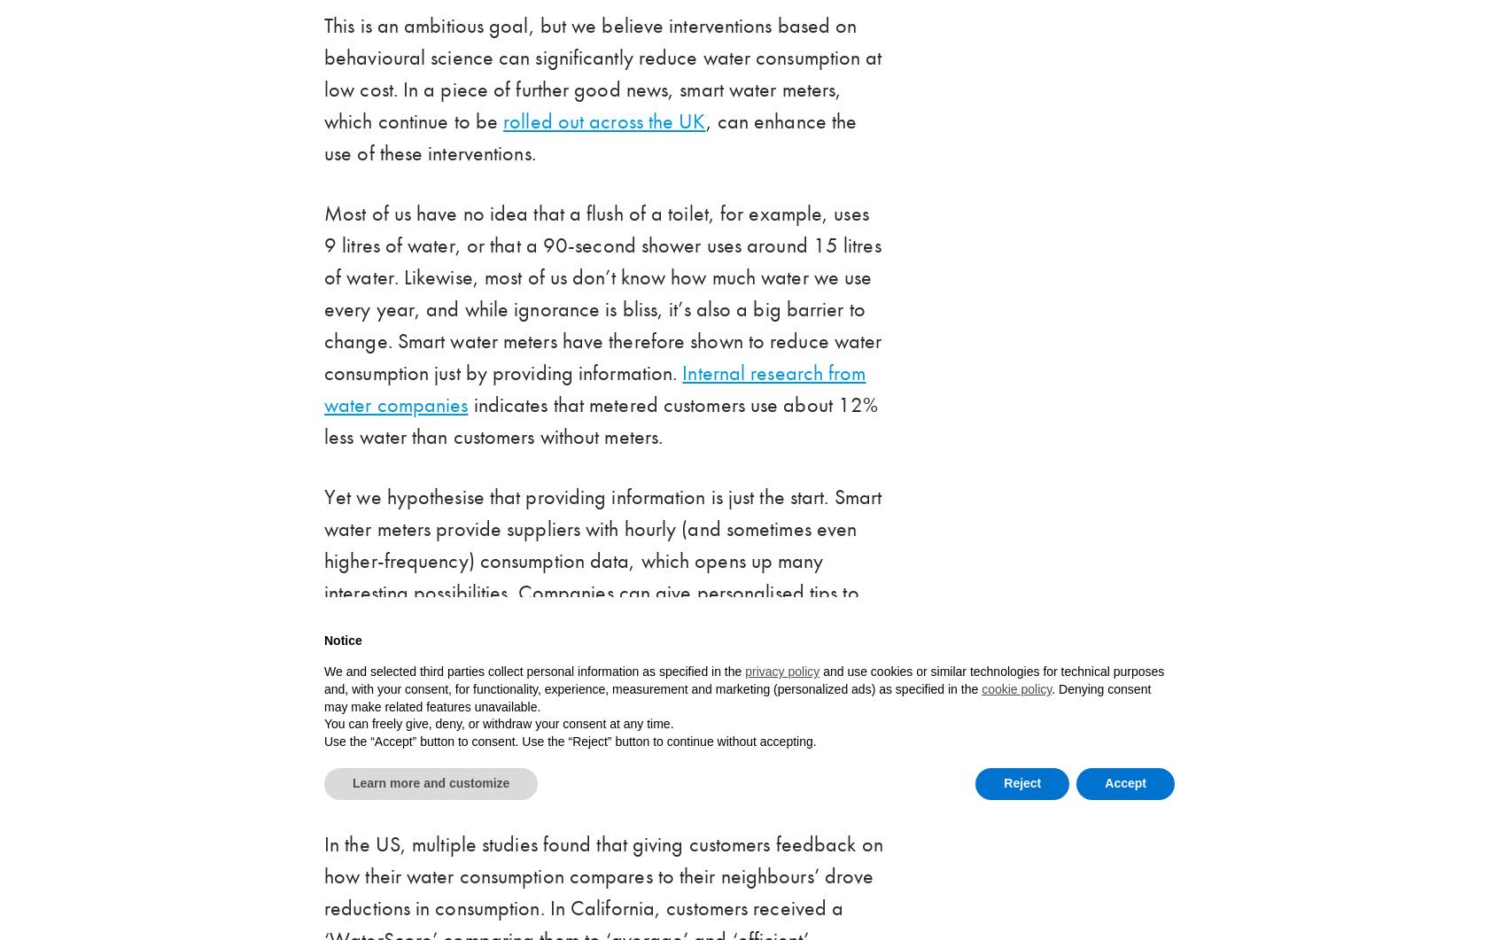 Image resolution: width=1499 pixels, height=940 pixels. I want to click on 'Yet we hypothesise that providing information is just the start. Smart water meters provide suppliers with hourly (and sometimes even higher-frequency) consumption data, which opens up many interesting possibilities. Companies can give personalised tips to customers. They can provide snapshots of how a customer’s water consumption compares to their neighbours’. Even more creative ideas include ‘gamifying’ water conservation, much as health apps gamify the amount of exercise one does each day. Companies could even run friendly neighbourhood-versus-neighbourhood competitions to be the ‘biggest loser’.', so click(602, 640).